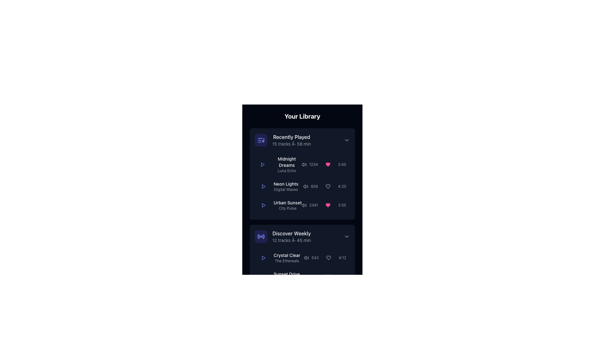 The height and width of the screenshot is (338, 601). What do you see at coordinates (325, 186) in the screenshot?
I see `the Decorative metadata component located in the second row of the 'Recently Played' list, which contains a speaker icon and the number '856', to manipulate adjacent elements` at bounding box center [325, 186].